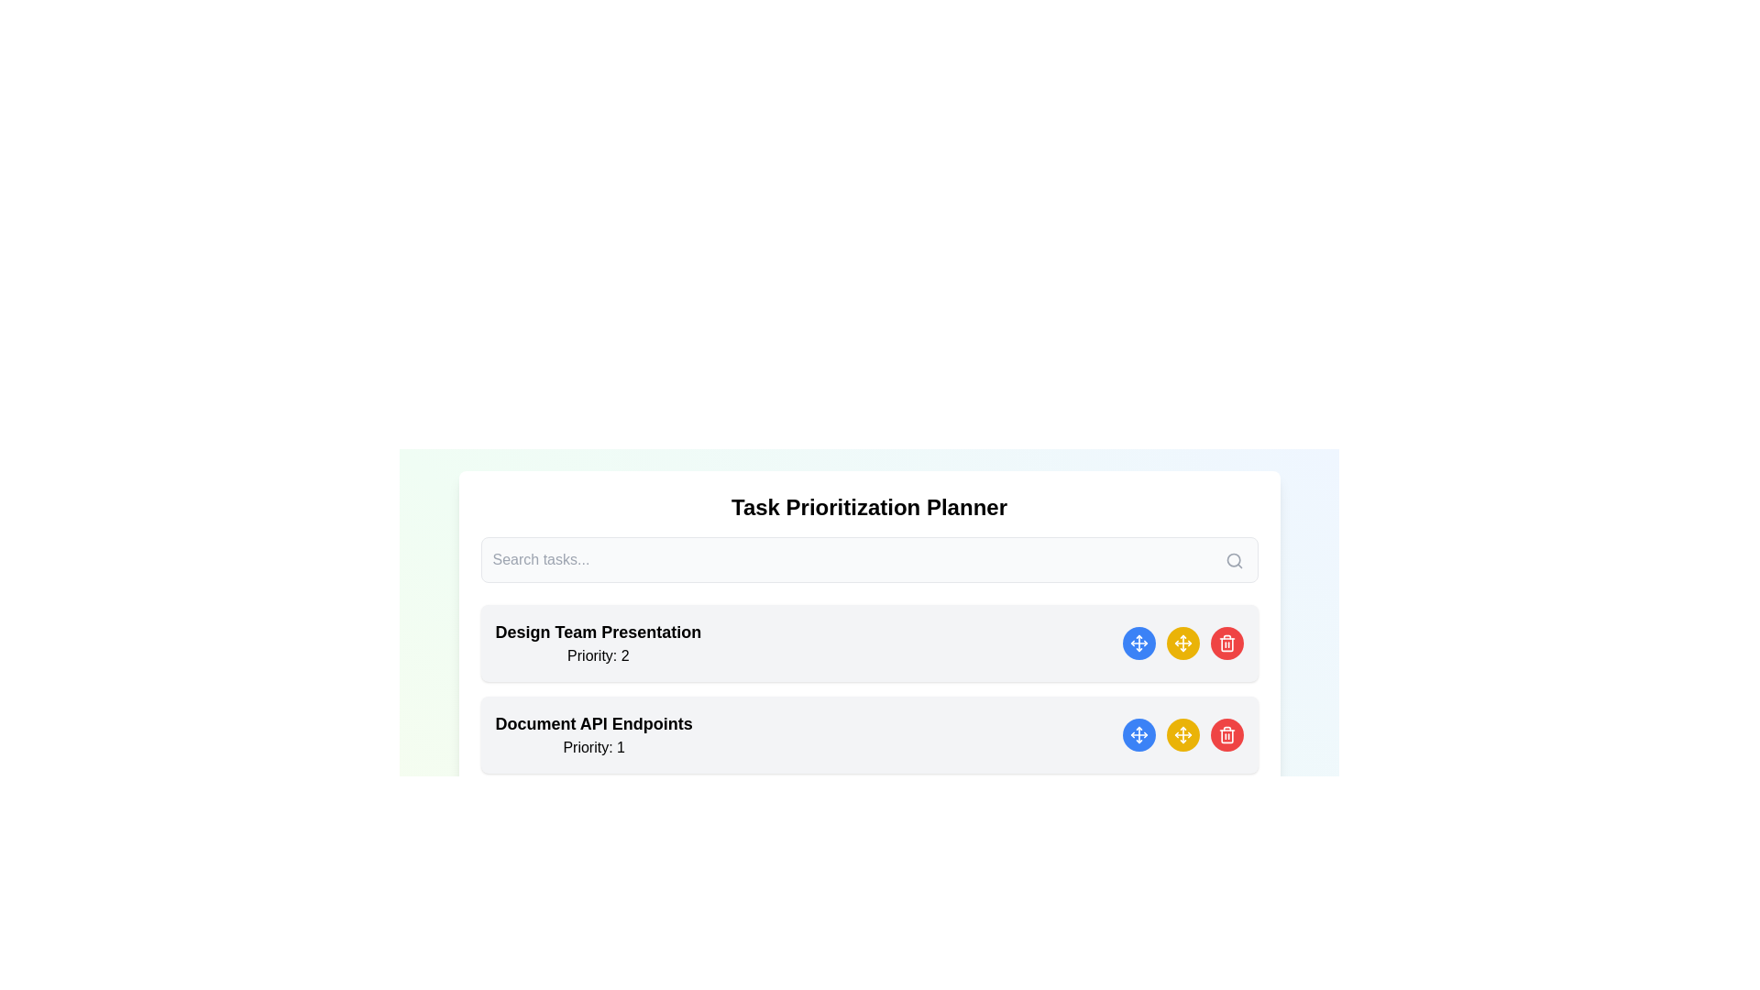 The height and width of the screenshot is (990, 1760). Describe the element at coordinates (598, 655) in the screenshot. I see `the Text label that informs the user of the priority number assigned to a task, located directly under the title 'Design Team Presentation' within the first card in the task prioritization interface` at that location.